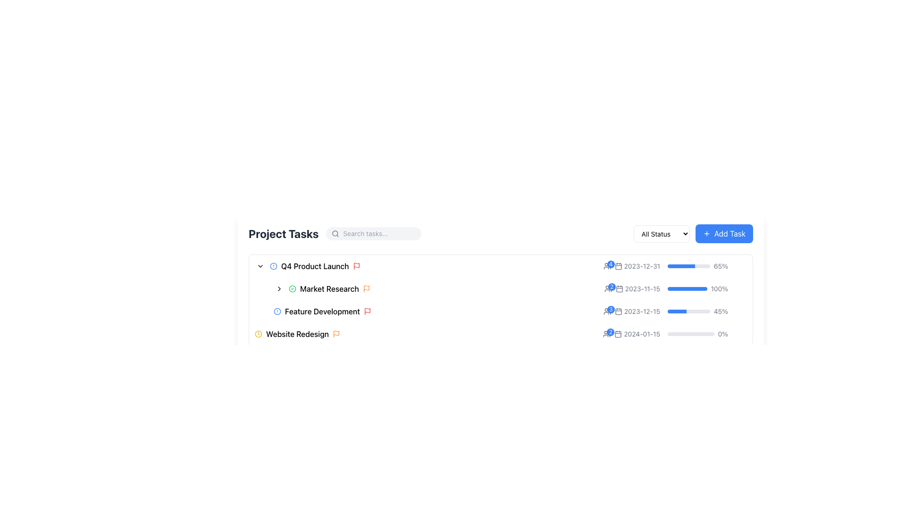 This screenshot has height=509, width=906. What do you see at coordinates (618, 334) in the screenshot?
I see `the date icon positioned on the far right of the 'Website Redesign' task row, adjacent to the text '2024-01-15'` at bounding box center [618, 334].